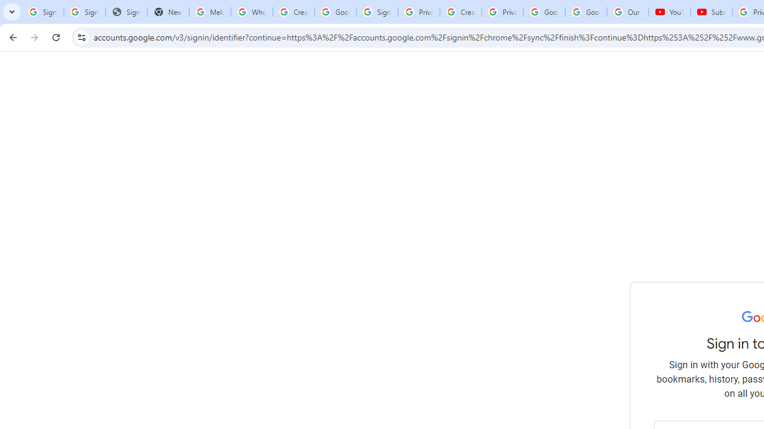  Describe the element at coordinates (711, 12) in the screenshot. I see `'Subscriptions - YouTube'` at that location.